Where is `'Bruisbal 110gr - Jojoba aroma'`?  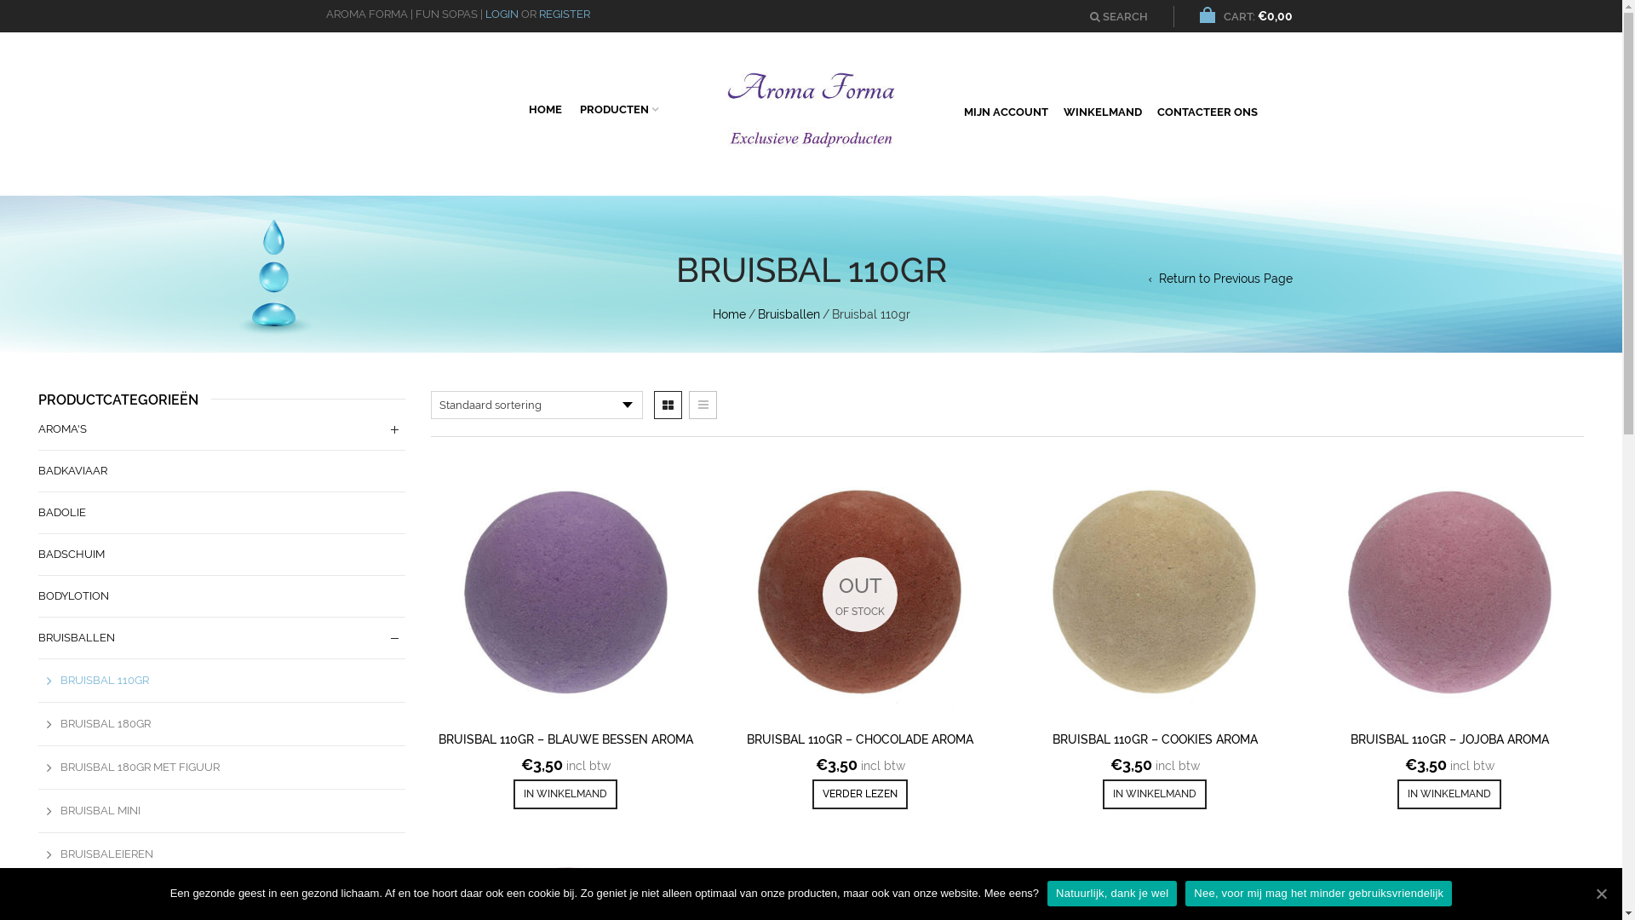 'Bruisbal 110gr - Jojoba aroma' is located at coordinates (1449, 594).